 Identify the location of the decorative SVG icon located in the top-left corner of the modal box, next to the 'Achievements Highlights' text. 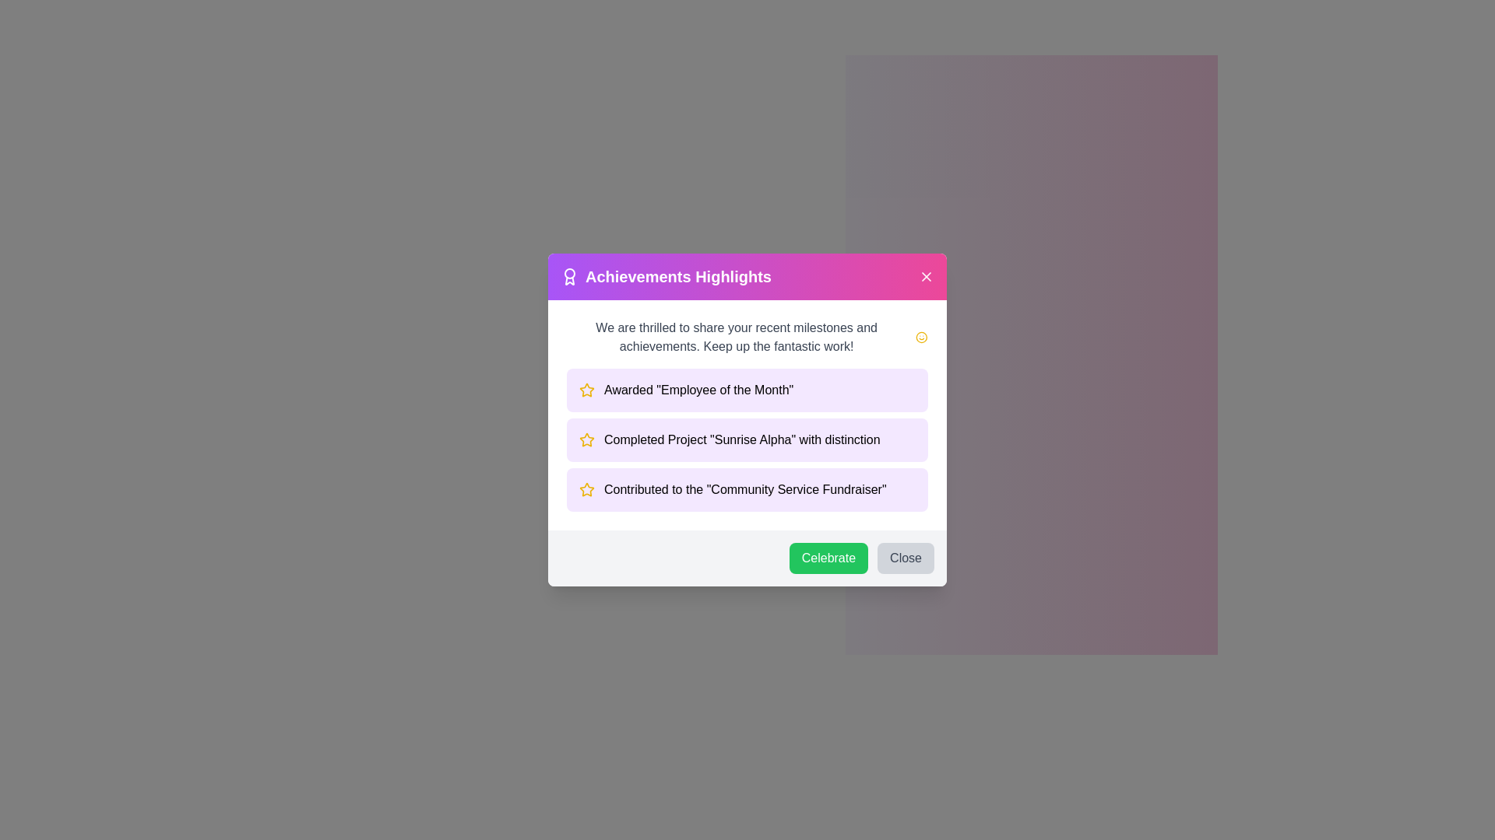
(568, 275).